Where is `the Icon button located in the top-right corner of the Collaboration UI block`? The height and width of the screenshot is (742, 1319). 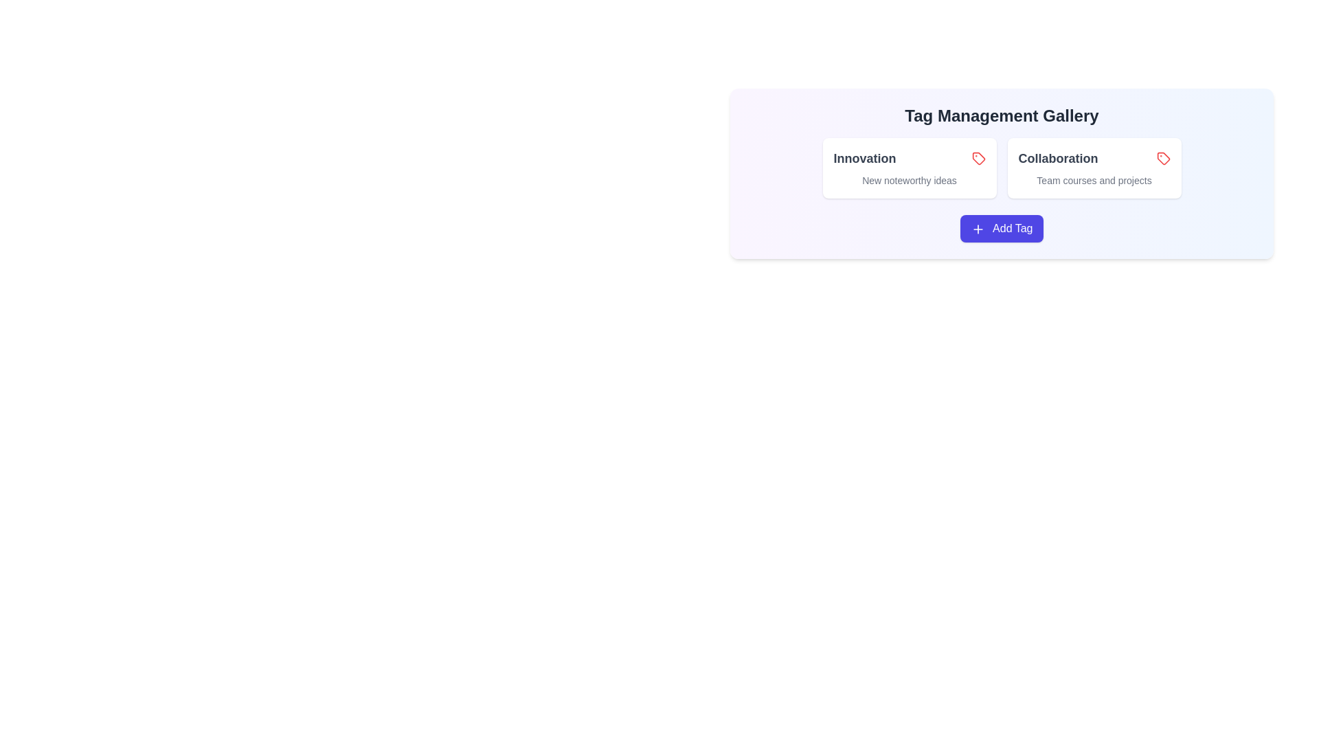 the Icon button located in the top-right corner of the Collaboration UI block is located at coordinates (1162, 158).